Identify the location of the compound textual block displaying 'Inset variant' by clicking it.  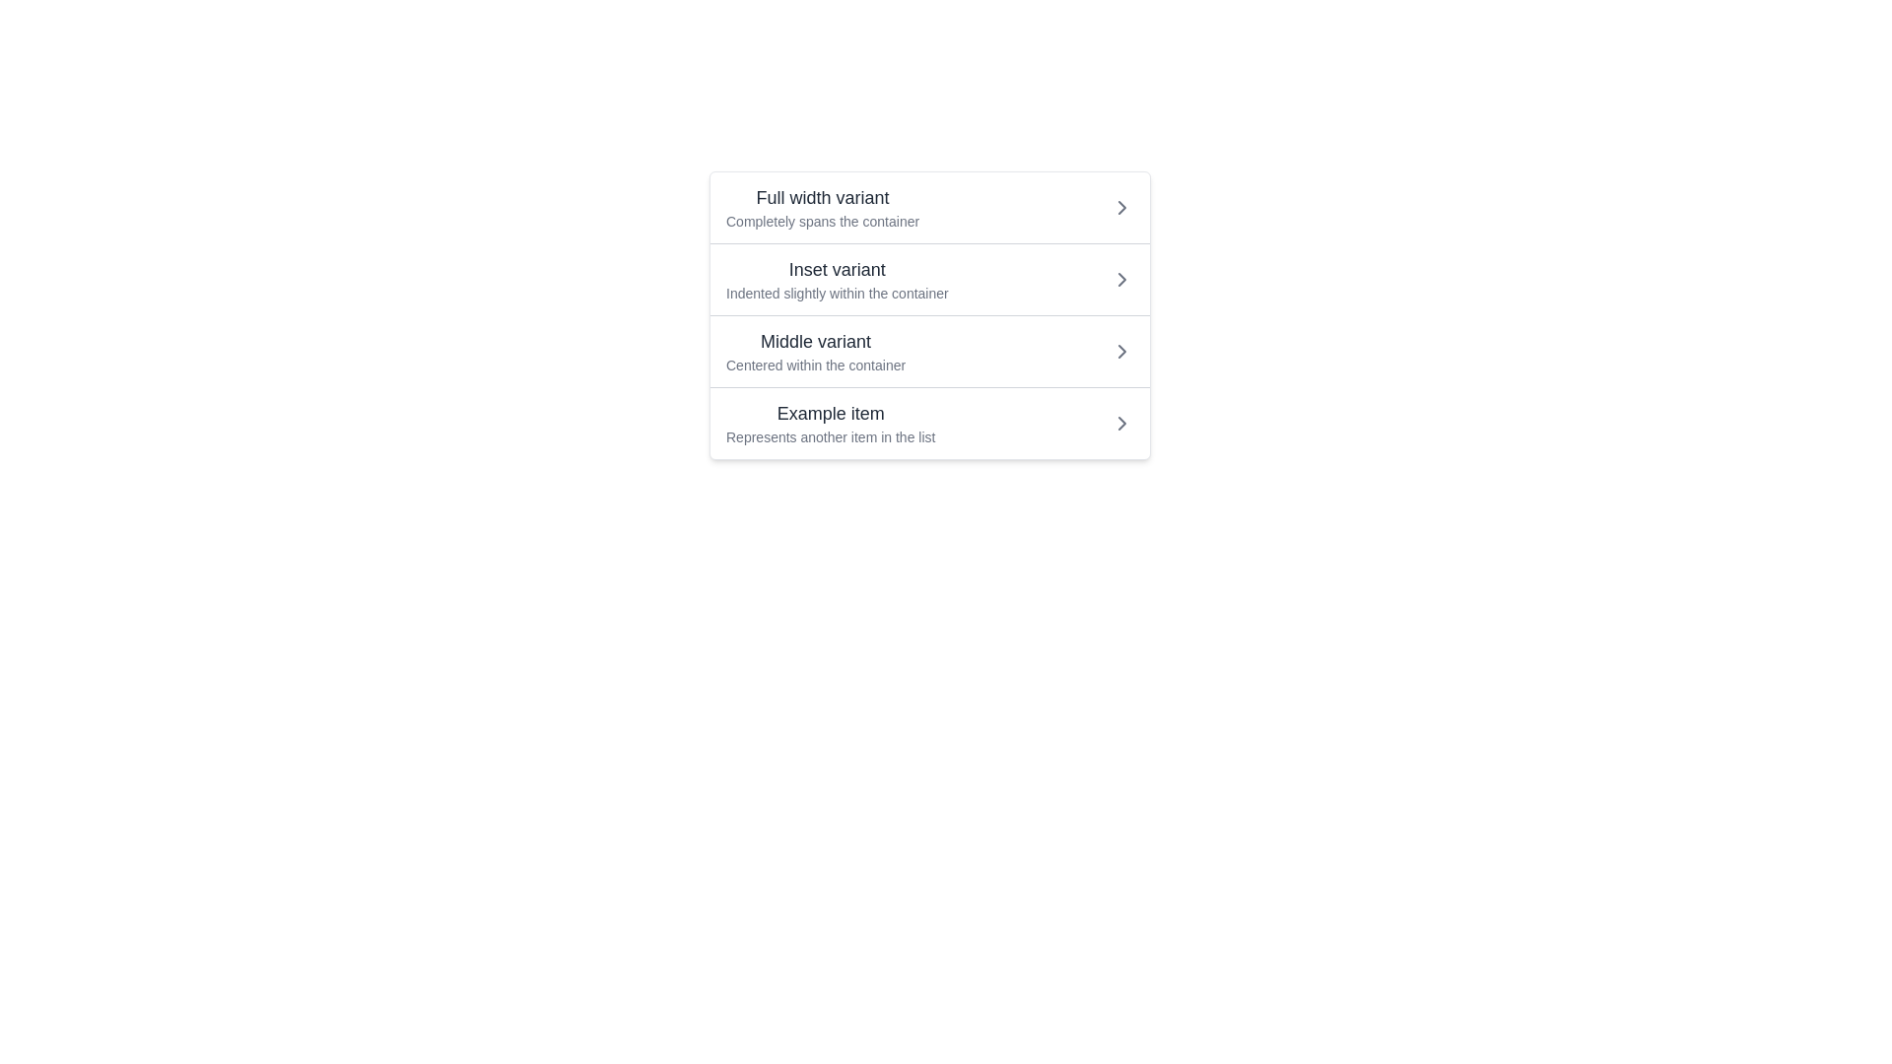
(837, 280).